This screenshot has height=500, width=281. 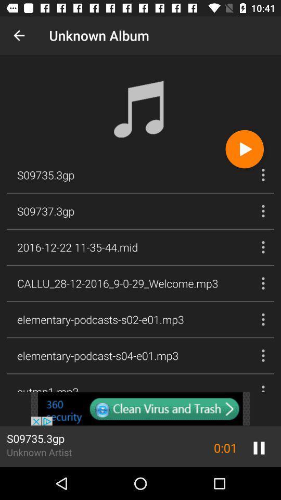 What do you see at coordinates (258, 447) in the screenshot?
I see `the pause icon` at bounding box center [258, 447].